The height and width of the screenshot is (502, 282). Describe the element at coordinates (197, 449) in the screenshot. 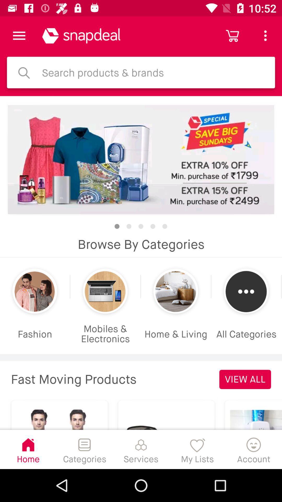

I see `the icon next to services icon` at that location.